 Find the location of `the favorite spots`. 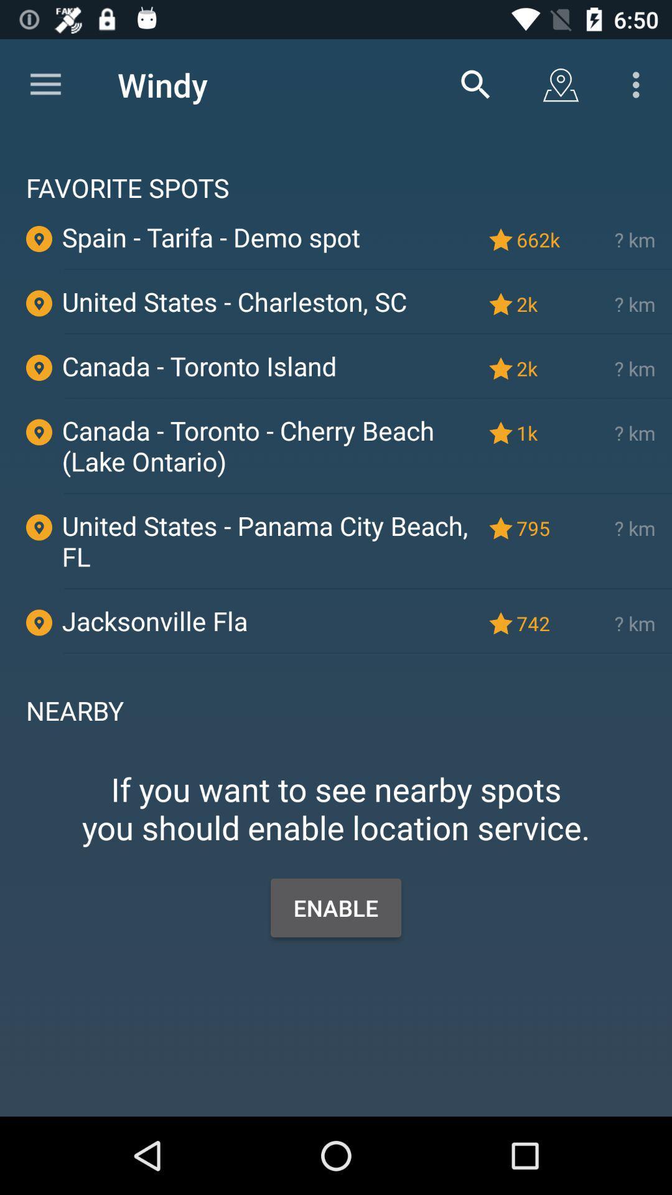

the favorite spots is located at coordinates (336, 167).